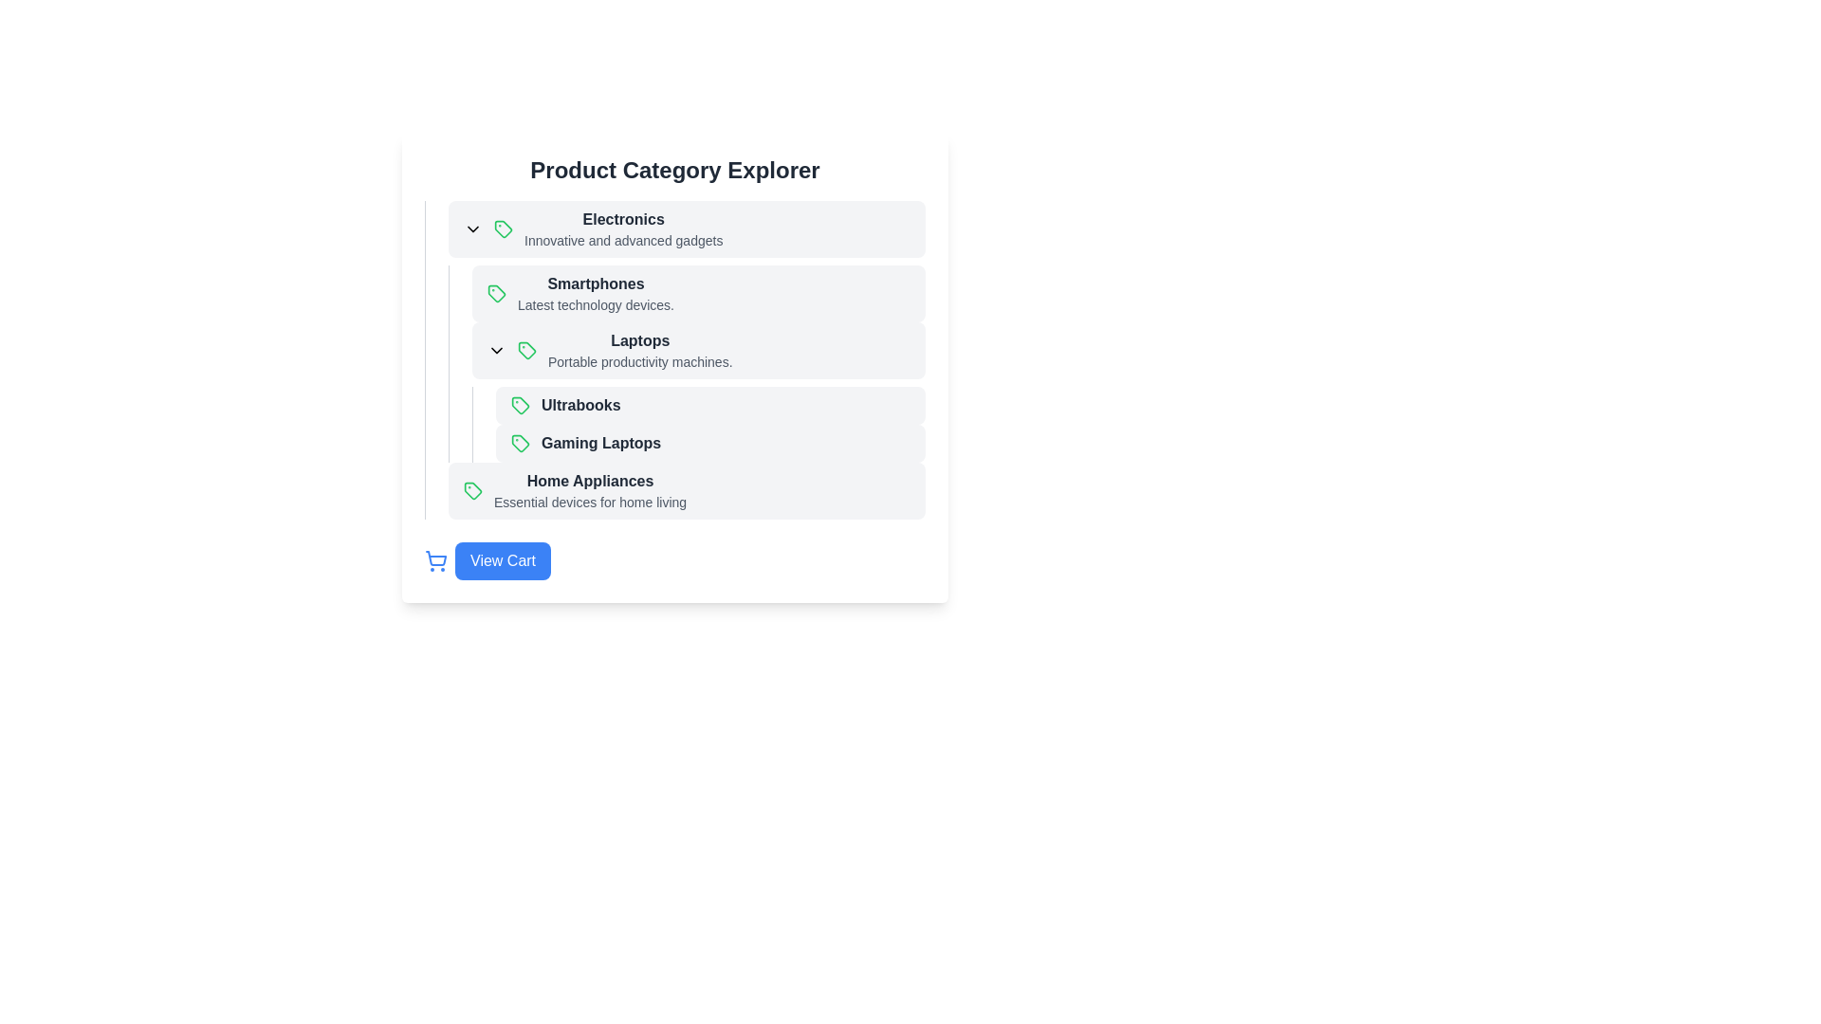  I want to click on the shopping cart icon located to the left of the 'View Cart' button in the bottom section of the product categories panel, so click(435, 559).